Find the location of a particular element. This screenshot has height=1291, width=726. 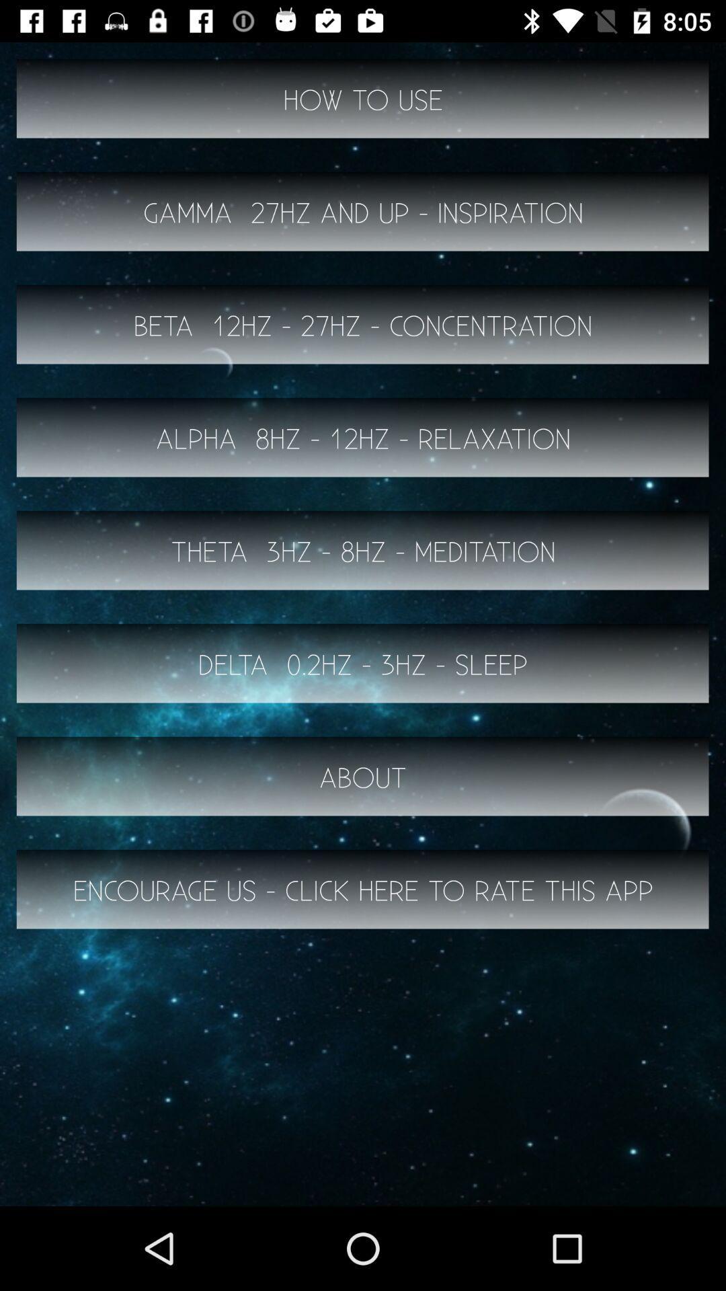

button below the how to use item is located at coordinates (363, 211).